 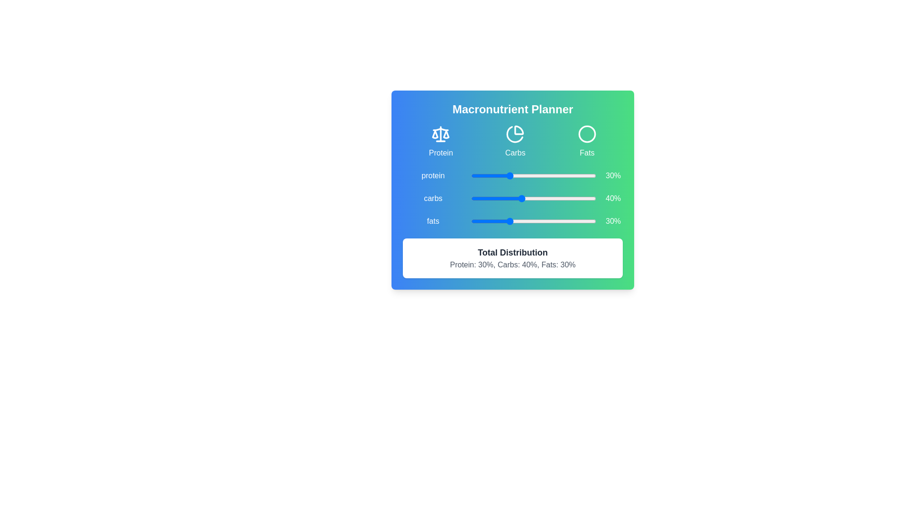 What do you see at coordinates (551, 221) in the screenshot?
I see `the fats percentage` at bounding box center [551, 221].